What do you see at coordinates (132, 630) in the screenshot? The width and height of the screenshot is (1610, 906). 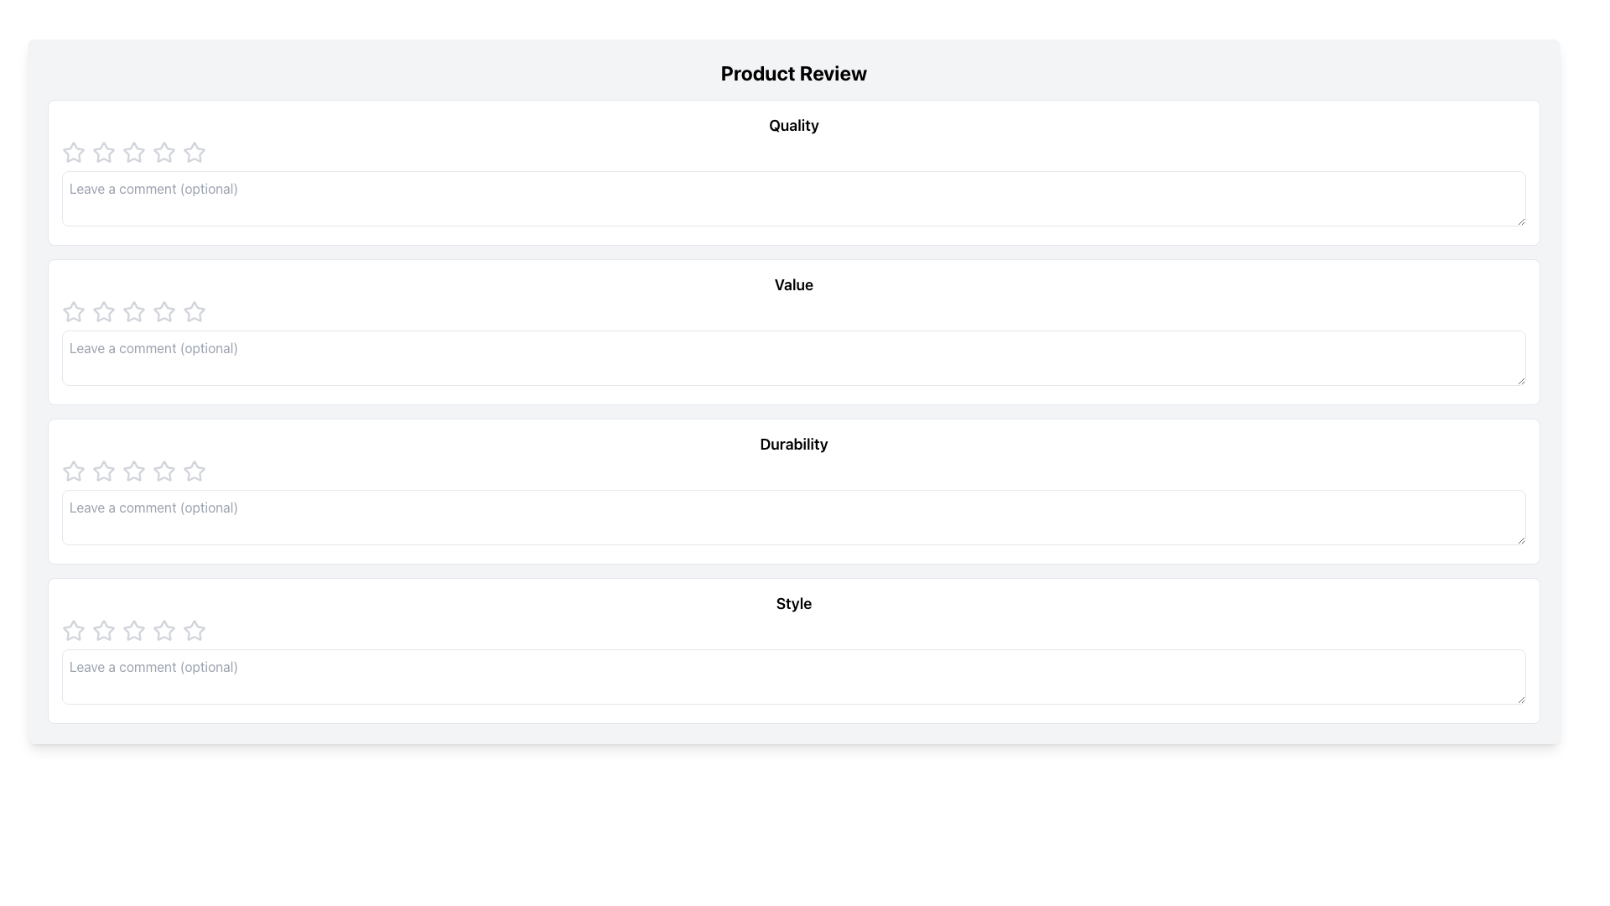 I see `the first interactive star icon, which is light gray and part of the rating stars` at bounding box center [132, 630].